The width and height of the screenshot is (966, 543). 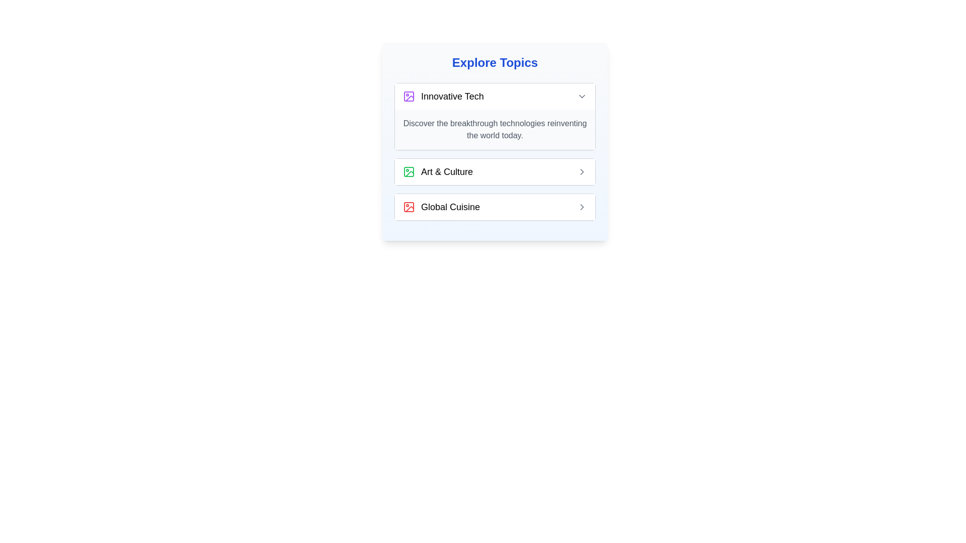 I want to click on the 'Art & Culture' text label, which is the middle entry in a vertical list of topic items, so click(x=446, y=171).